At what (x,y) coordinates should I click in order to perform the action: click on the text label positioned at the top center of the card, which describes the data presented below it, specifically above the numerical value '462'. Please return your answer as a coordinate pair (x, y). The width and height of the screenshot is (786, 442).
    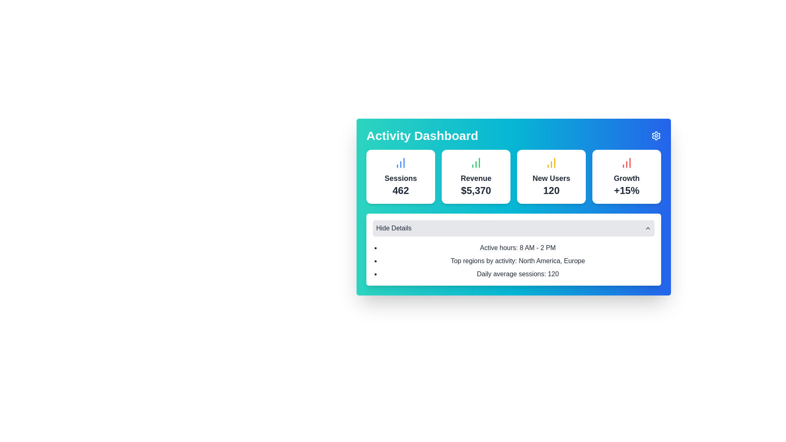
    Looking at the image, I should click on (401, 178).